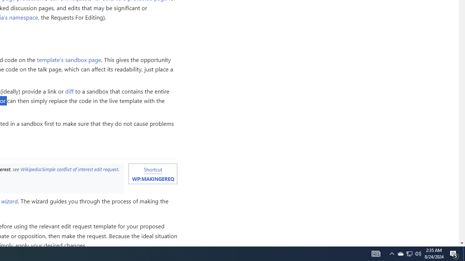 Image resolution: width=465 pixels, height=261 pixels. I want to click on 'Shortcut', so click(153, 169).